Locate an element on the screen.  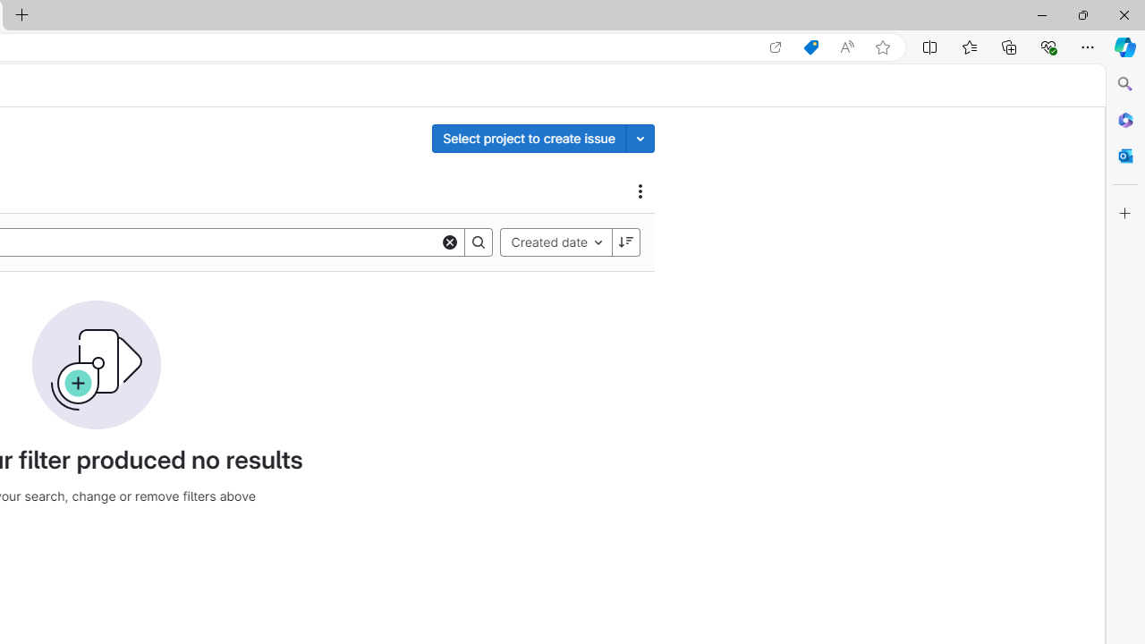
'Sort direction: Descending' is located at coordinates (625, 241).